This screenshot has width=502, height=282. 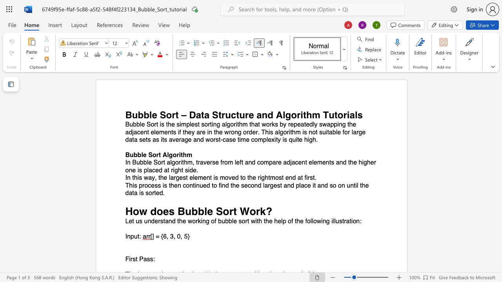 I want to click on the 1th character "3" in the text, so click(x=171, y=236).